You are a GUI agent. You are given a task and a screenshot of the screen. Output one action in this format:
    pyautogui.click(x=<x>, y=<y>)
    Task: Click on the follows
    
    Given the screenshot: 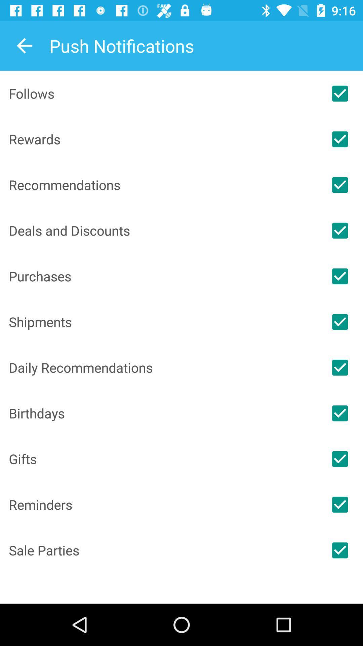 What is the action you would take?
    pyautogui.click(x=340, y=93)
    